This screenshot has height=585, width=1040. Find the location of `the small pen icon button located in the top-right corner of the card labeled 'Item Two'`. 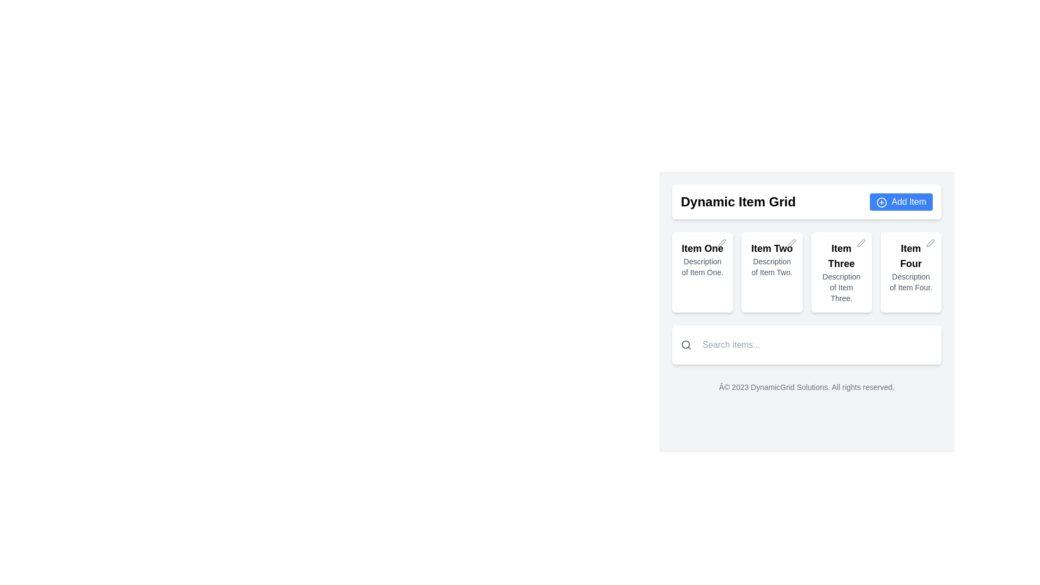

the small pen icon button located in the top-right corner of the card labeled 'Item Two' is located at coordinates (791, 242).